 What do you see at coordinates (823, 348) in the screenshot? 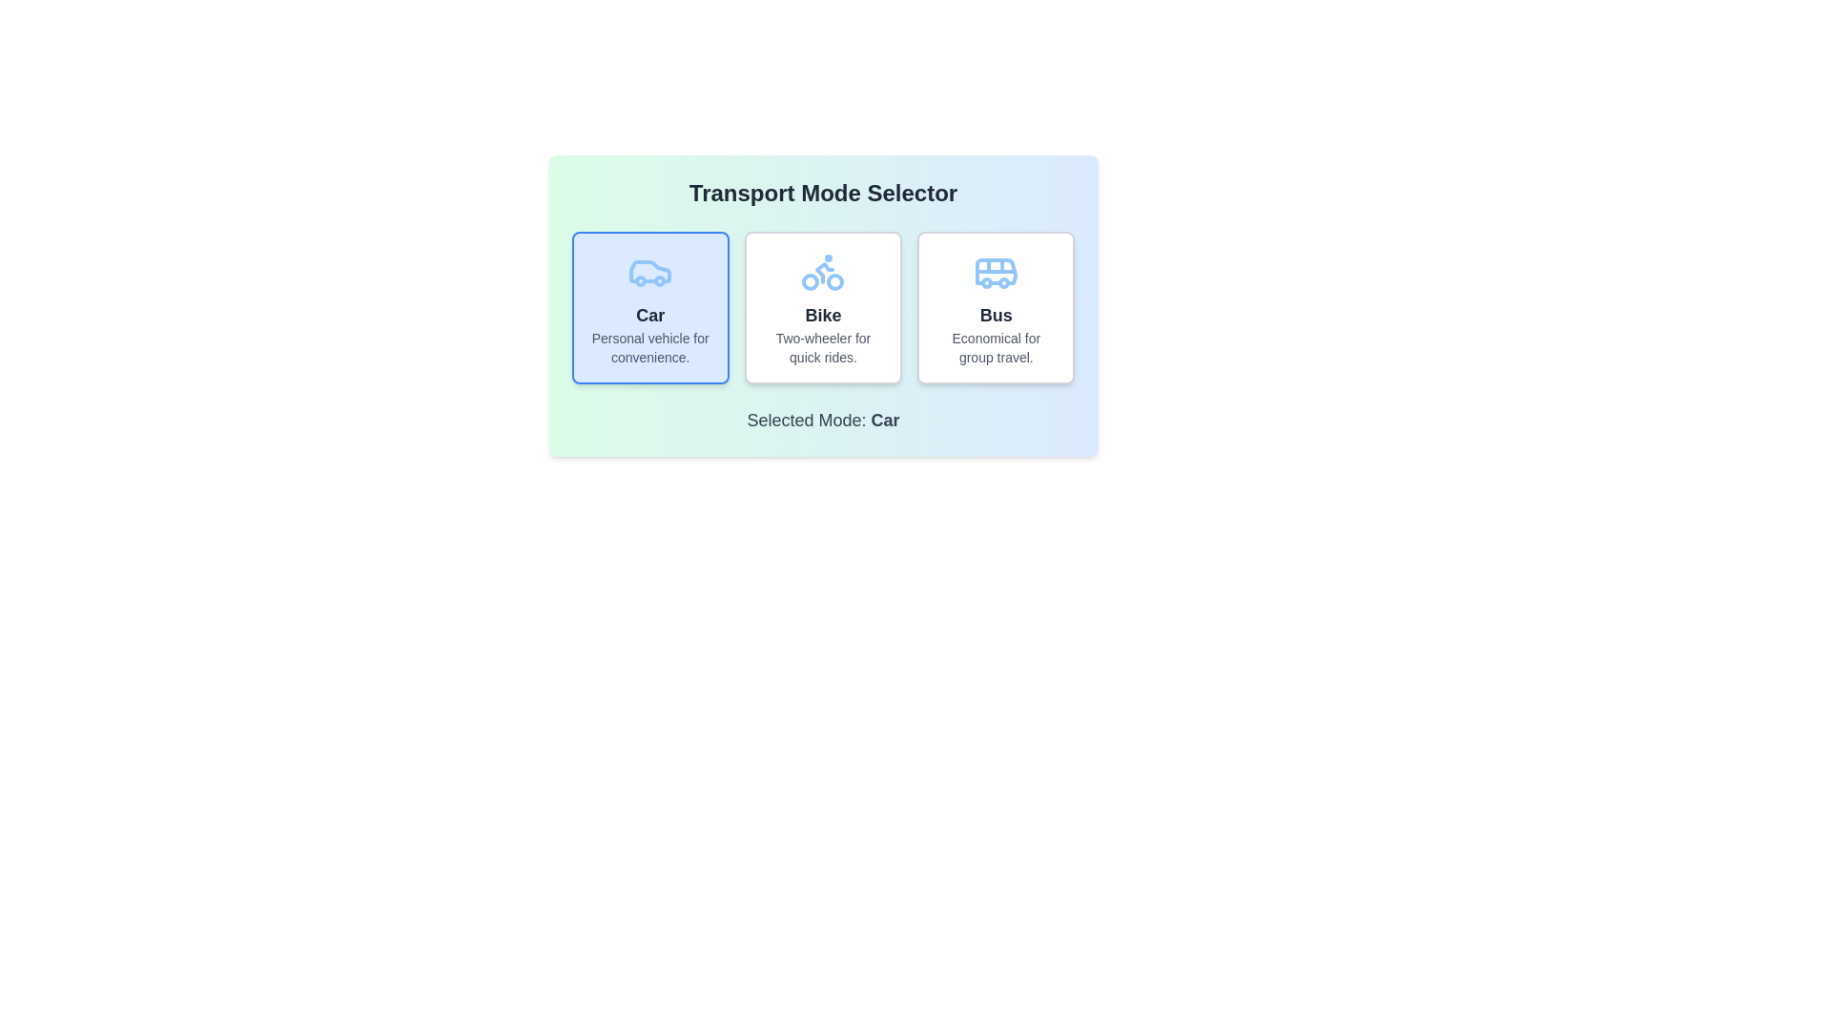
I see `the text label that contains 'Two-wheeler for quick rides.' styled in gray color, positioned below the title 'Bike' in the second card of a horizontal row` at bounding box center [823, 348].